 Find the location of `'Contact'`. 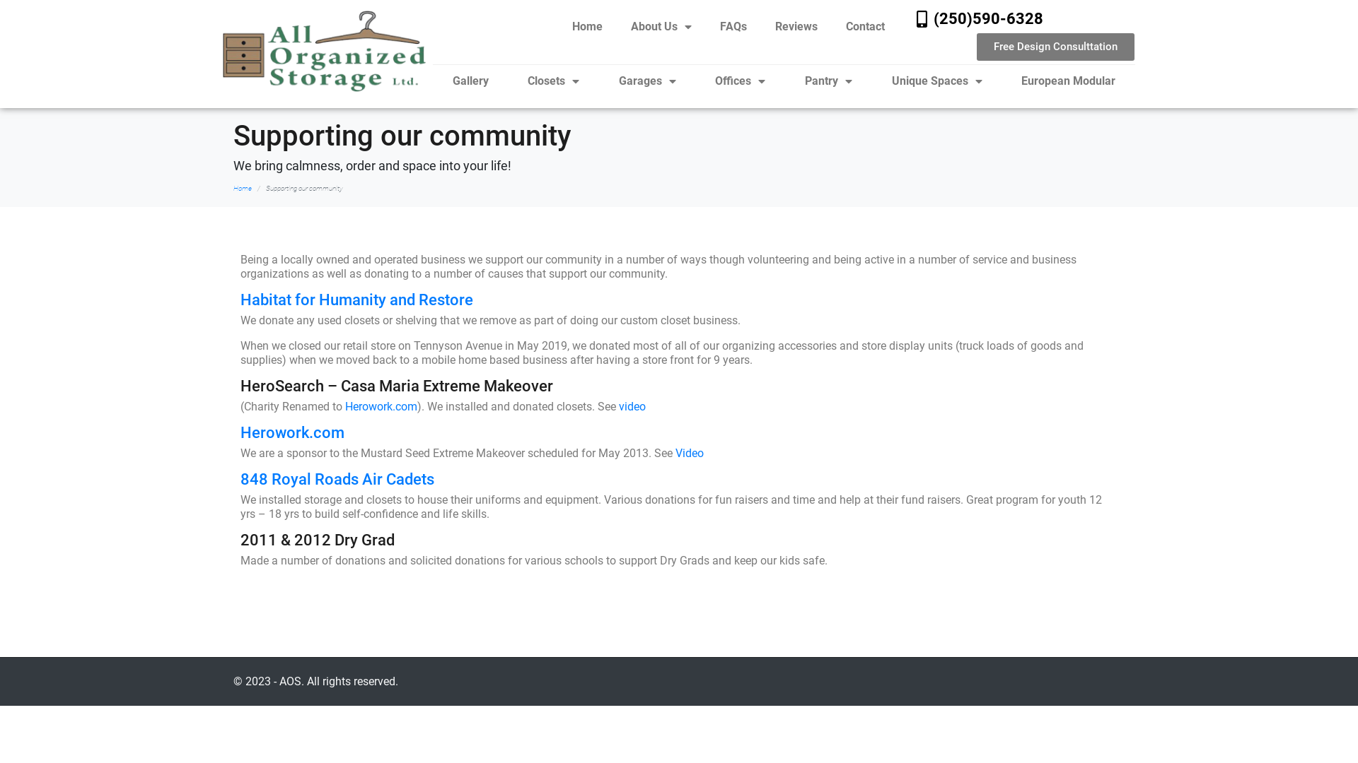

'Contact' is located at coordinates (864, 27).